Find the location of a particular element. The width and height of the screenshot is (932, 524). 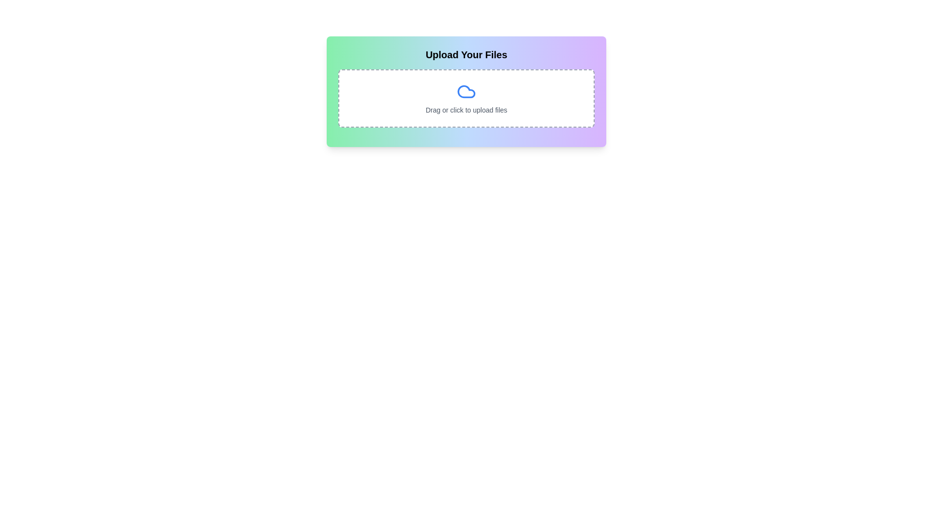

the File Upload Zone located beneath the header text 'Upload Your Files' is located at coordinates (466, 98).